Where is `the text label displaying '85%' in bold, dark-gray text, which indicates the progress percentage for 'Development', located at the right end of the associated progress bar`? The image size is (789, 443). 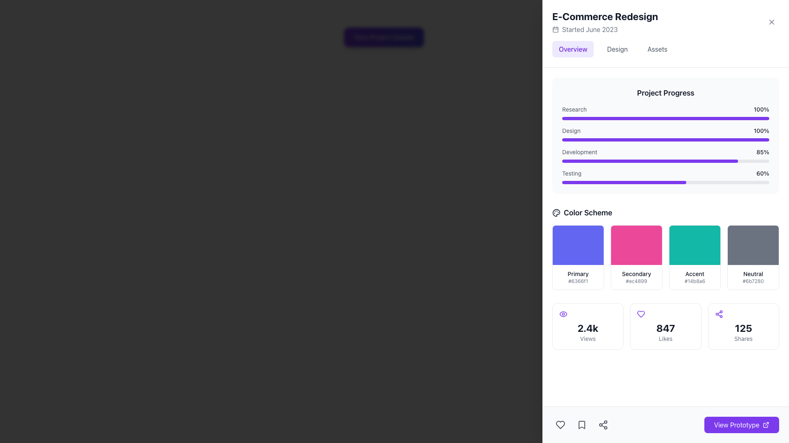
the text label displaying '85%' in bold, dark-gray text, which indicates the progress percentage for 'Development', located at the right end of the associated progress bar is located at coordinates (762, 152).